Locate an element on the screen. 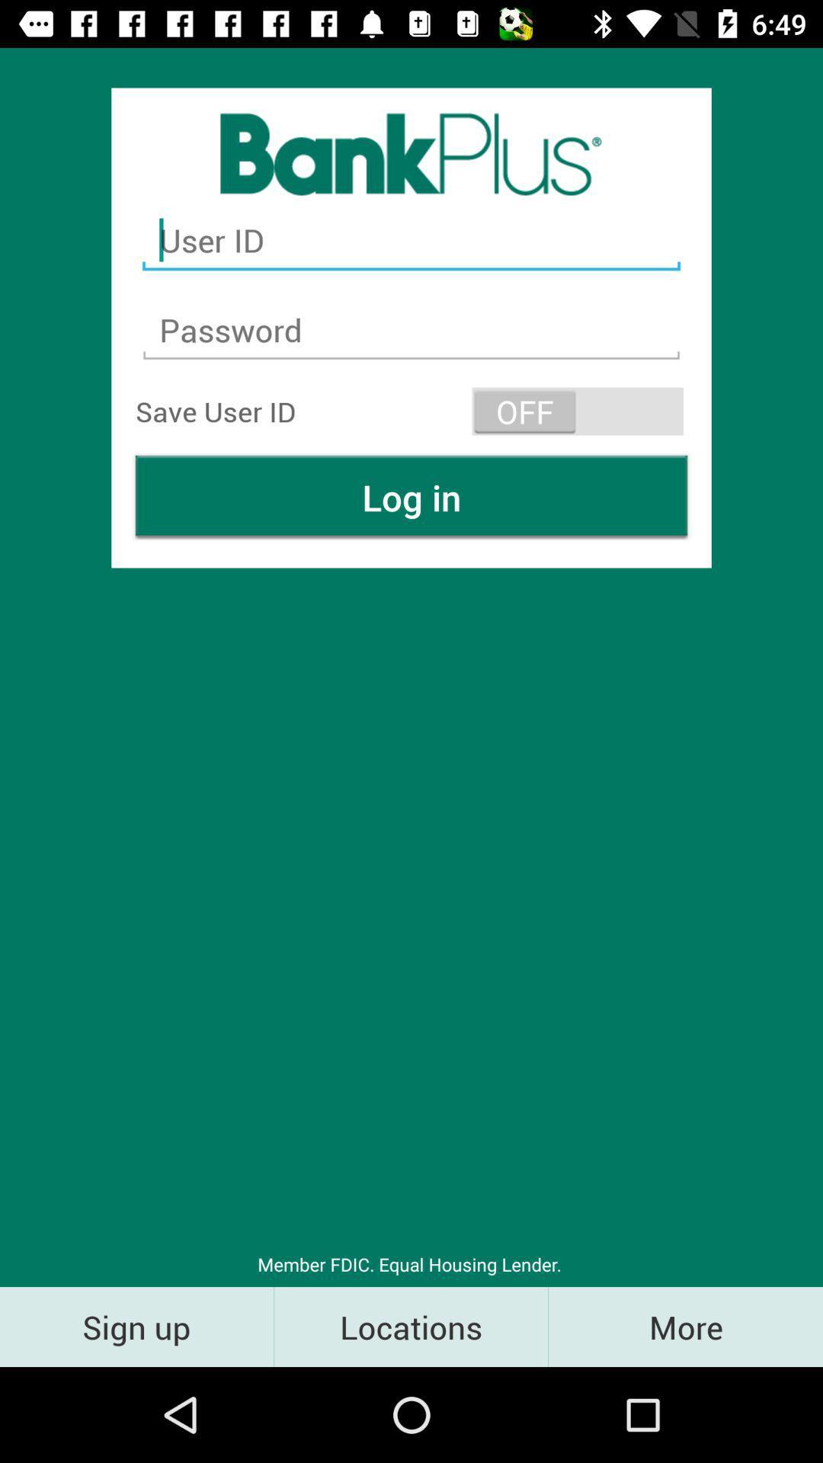 This screenshot has width=823, height=1463. the log in item is located at coordinates (411, 497).